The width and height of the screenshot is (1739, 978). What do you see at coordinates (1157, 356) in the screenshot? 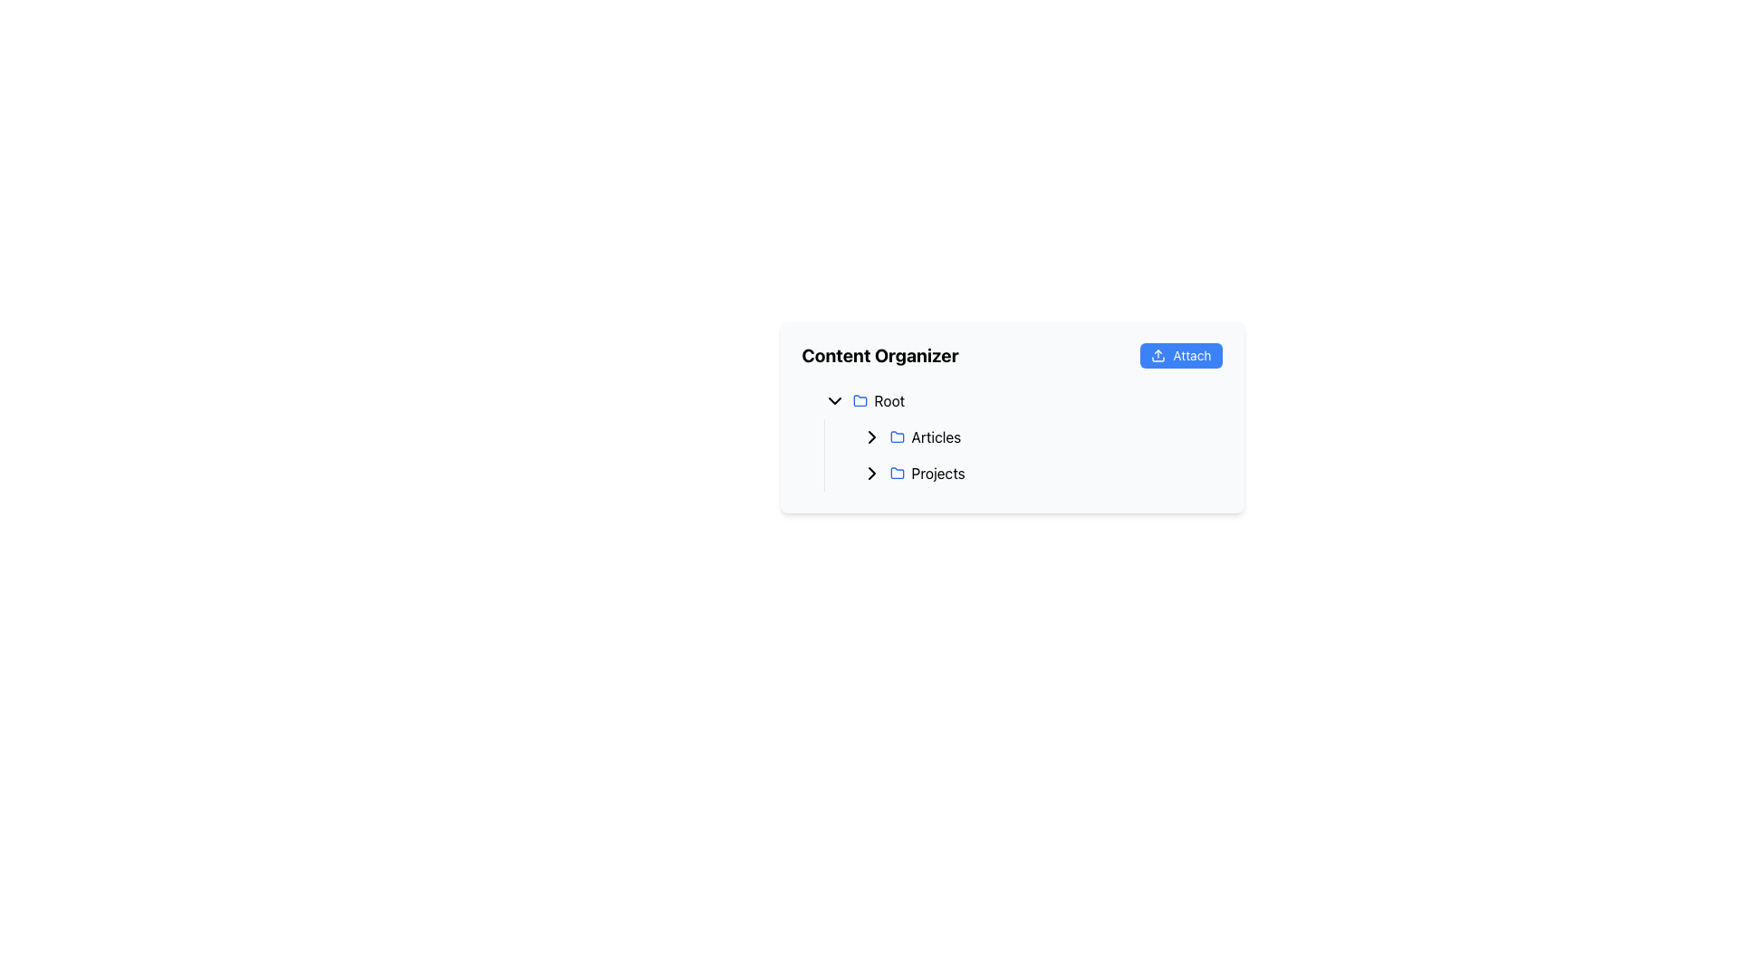
I see `the 'Attach' button which contains the upload icon located in the top-right corner of the content management interface` at bounding box center [1157, 356].